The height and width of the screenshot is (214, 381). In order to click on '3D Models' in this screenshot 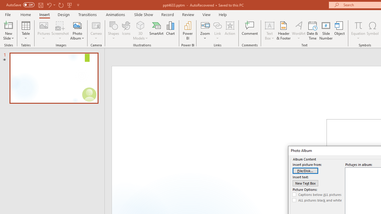, I will do `click(140, 25)`.